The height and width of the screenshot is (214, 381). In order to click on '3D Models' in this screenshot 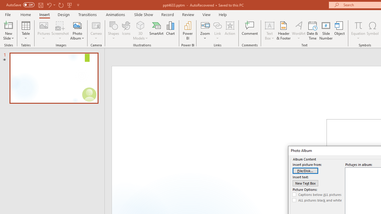, I will do `click(140, 25)`.